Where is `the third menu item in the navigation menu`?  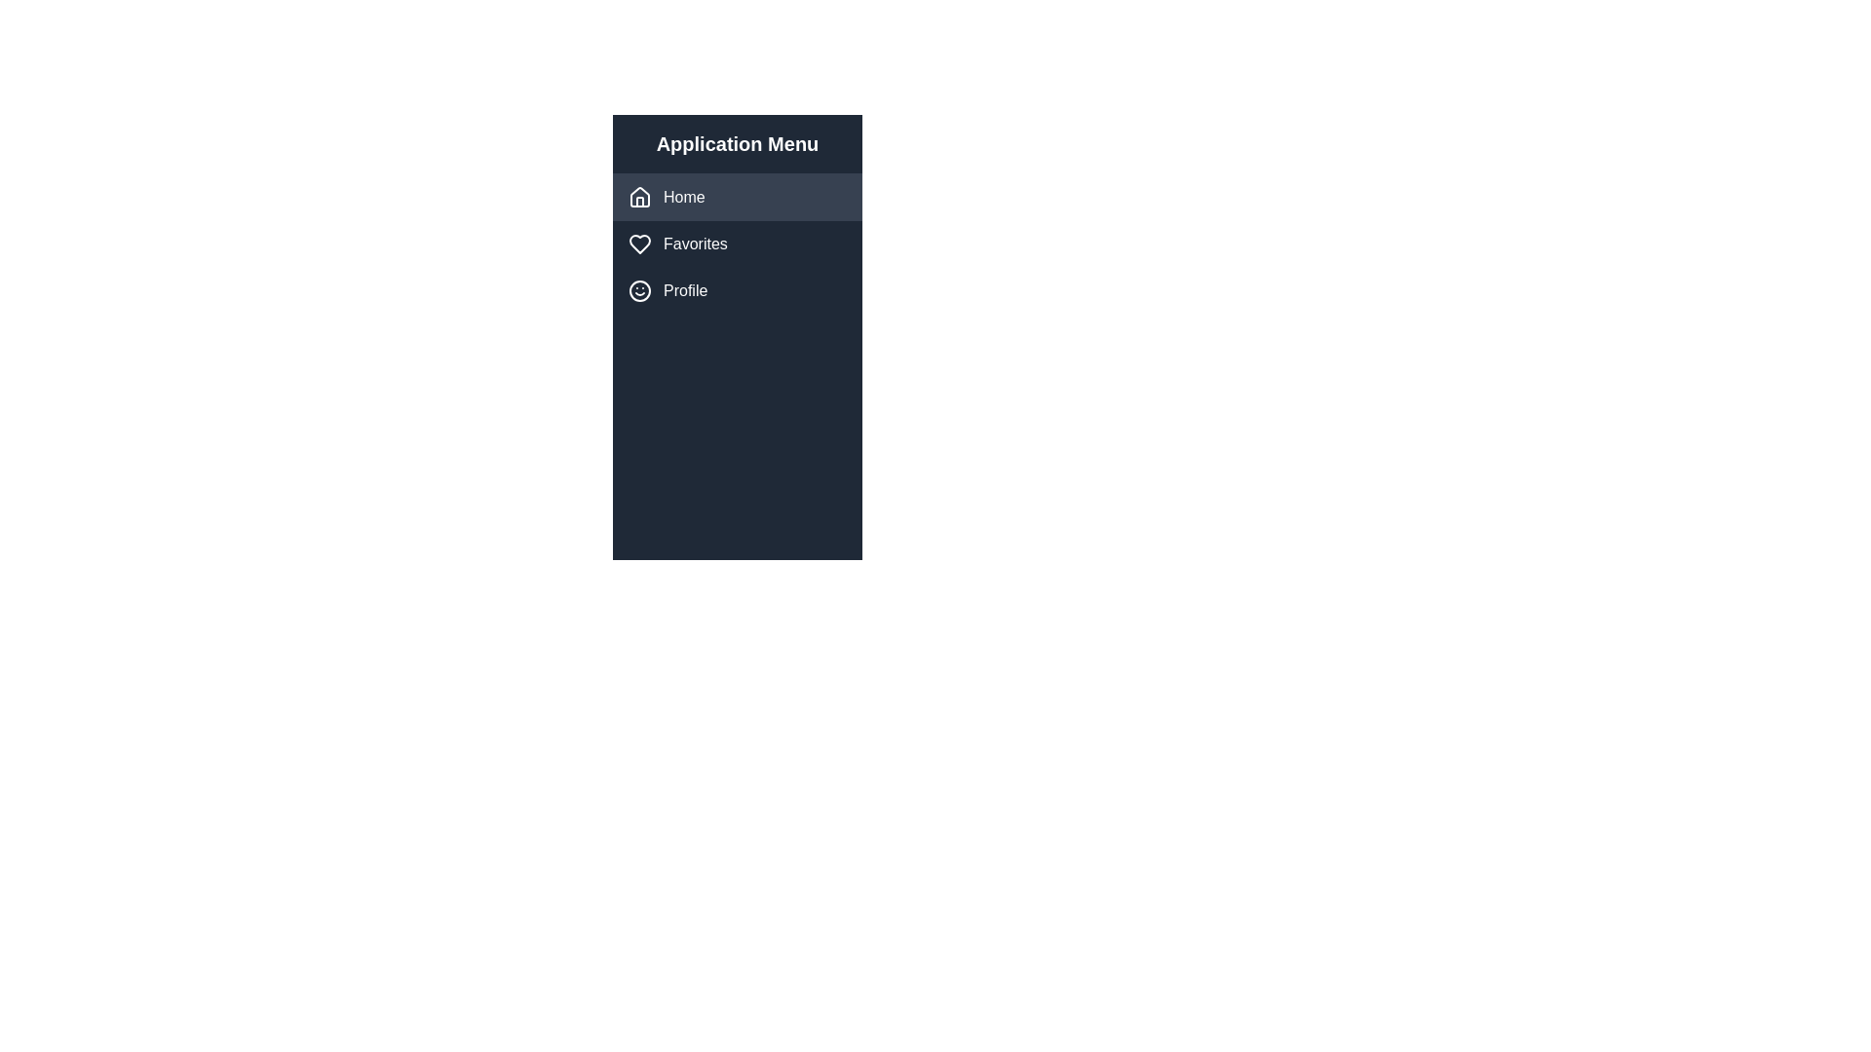
the third menu item in the navigation menu is located at coordinates (737, 291).